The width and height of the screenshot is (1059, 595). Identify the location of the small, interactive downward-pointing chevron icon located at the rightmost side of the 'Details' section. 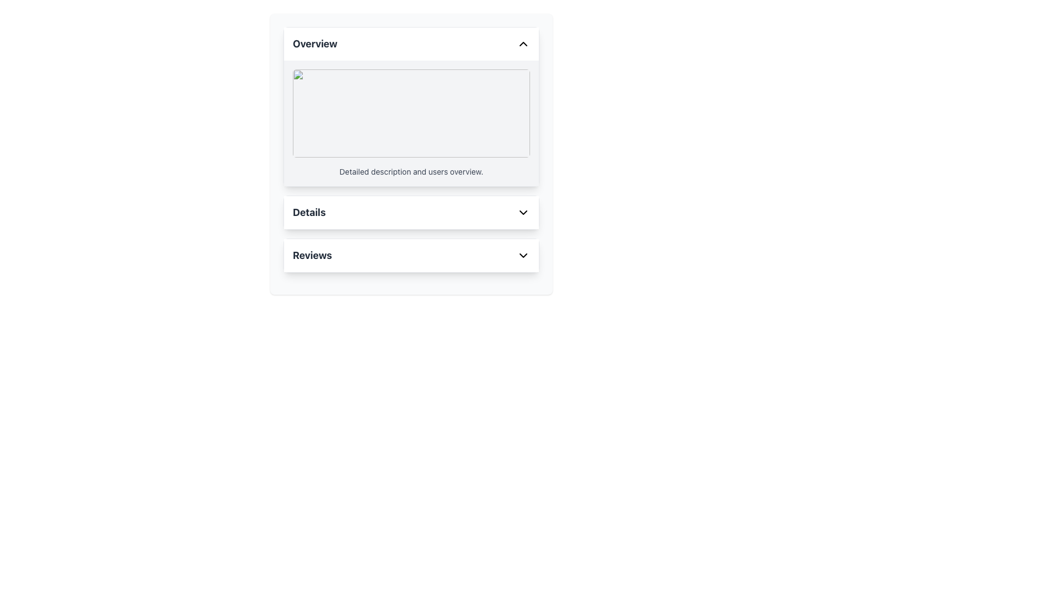
(523, 212).